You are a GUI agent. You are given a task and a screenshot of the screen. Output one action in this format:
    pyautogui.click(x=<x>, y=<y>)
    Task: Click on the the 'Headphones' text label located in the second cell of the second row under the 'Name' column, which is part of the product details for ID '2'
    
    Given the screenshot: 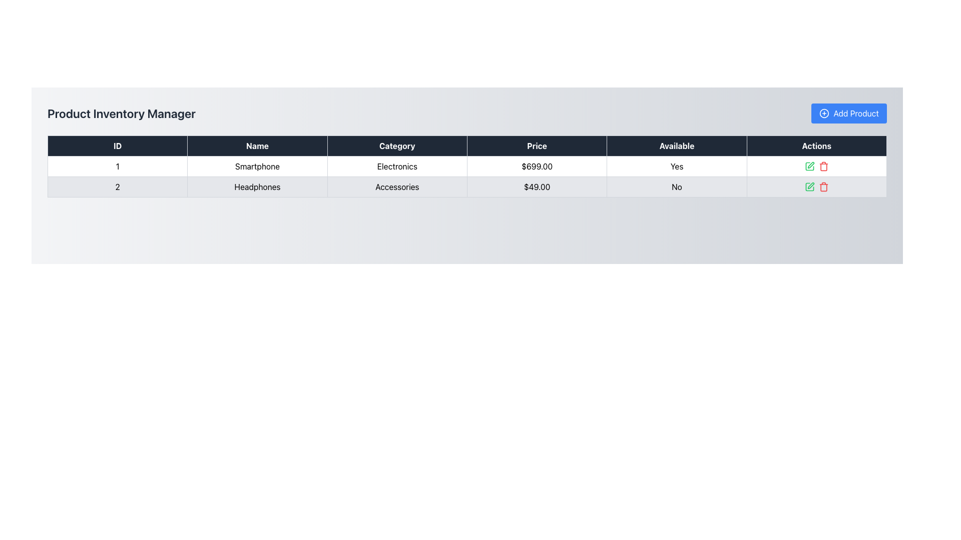 What is the action you would take?
    pyautogui.click(x=257, y=187)
    